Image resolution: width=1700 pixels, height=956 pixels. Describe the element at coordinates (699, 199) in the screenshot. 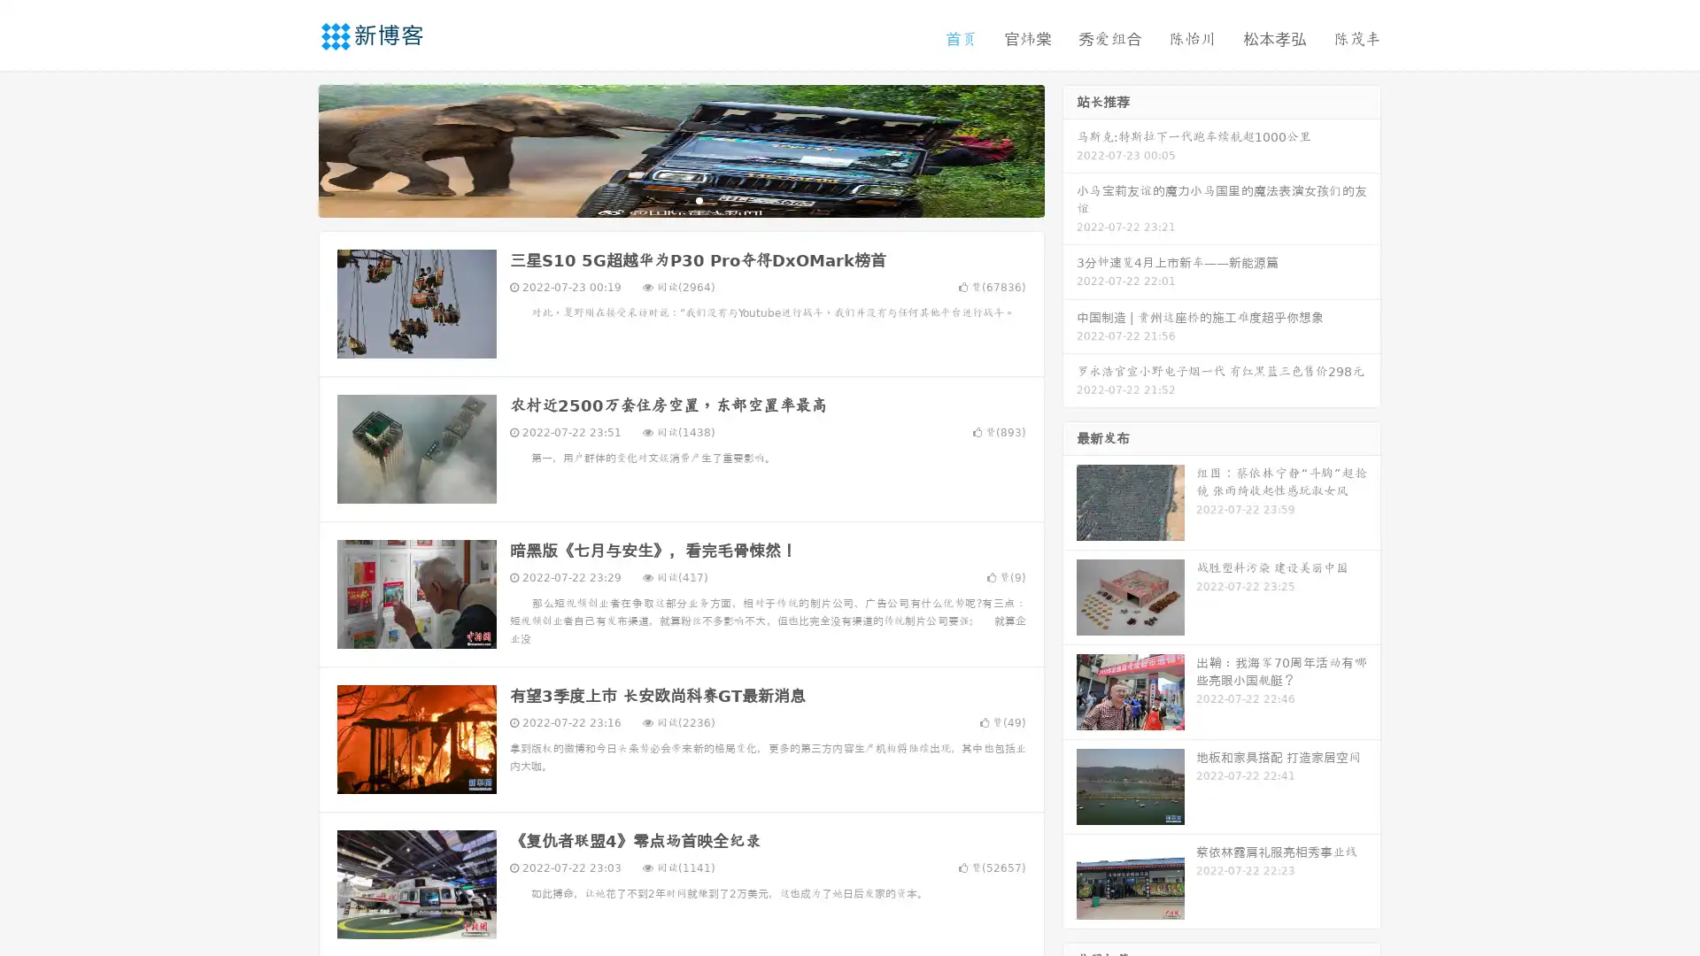

I see `Go to slide 3` at that location.